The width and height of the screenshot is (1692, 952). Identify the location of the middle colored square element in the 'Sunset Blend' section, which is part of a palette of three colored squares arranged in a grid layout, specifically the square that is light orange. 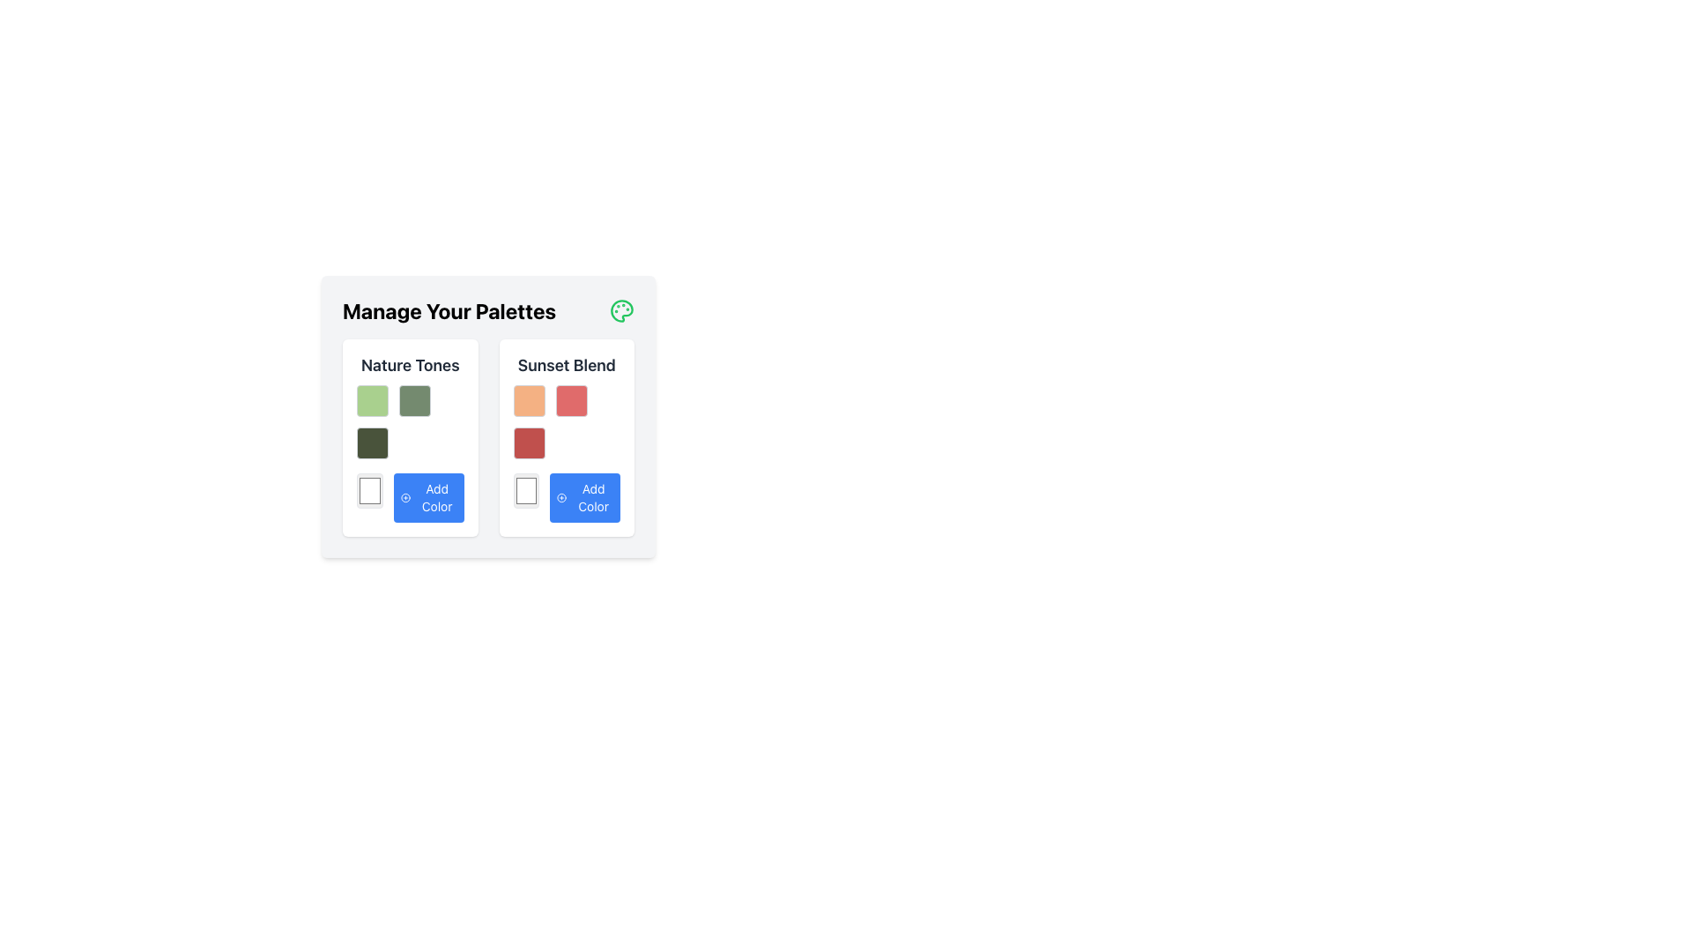
(567, 421).